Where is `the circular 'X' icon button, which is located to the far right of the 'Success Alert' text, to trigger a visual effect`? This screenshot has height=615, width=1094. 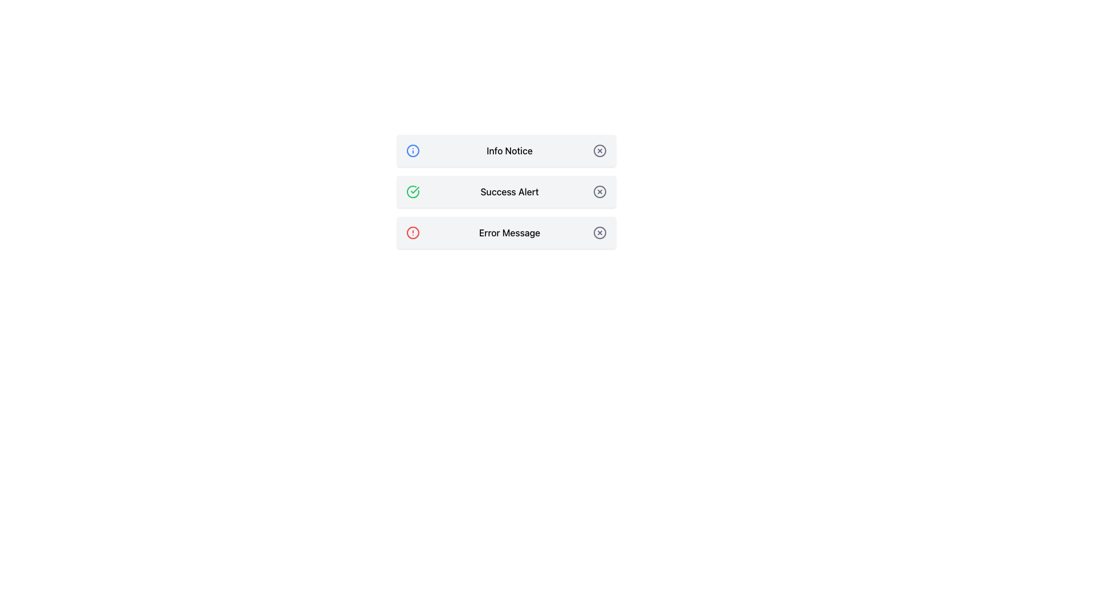 the circular 'X' icon button, which is located to the far right of the 'Success Alert' text, to trigger a visual effect is located at coordinates (599, 191).